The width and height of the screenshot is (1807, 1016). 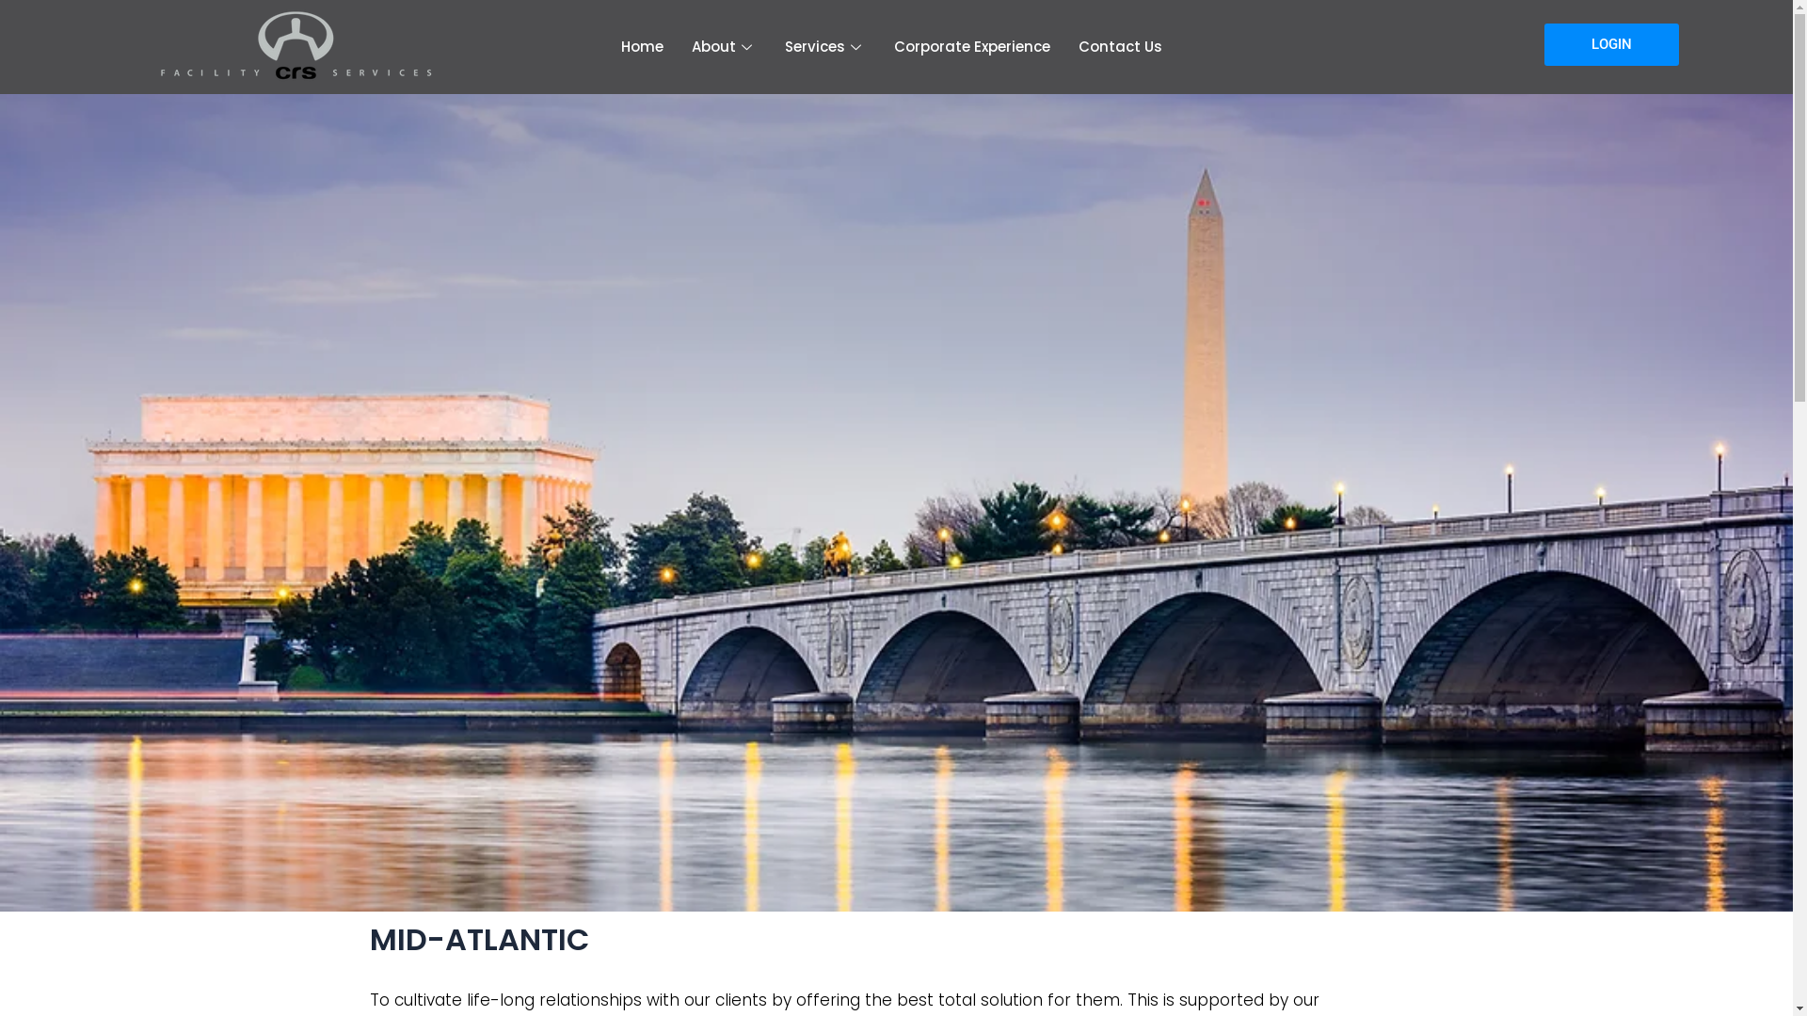 I want to click on 'LOGIN', so click(x=1543, y=43).